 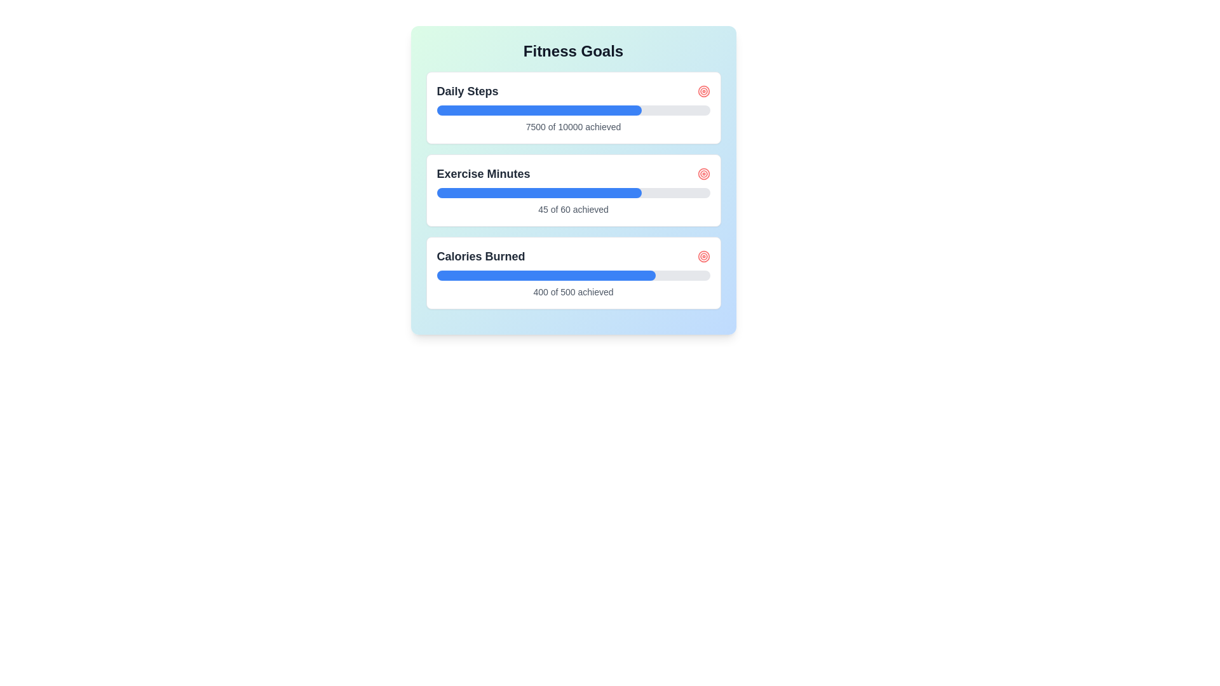 I want to click on the Progress bar section that visually represents the completion of 'Exercise Minutes', so click(x=539, y=193).